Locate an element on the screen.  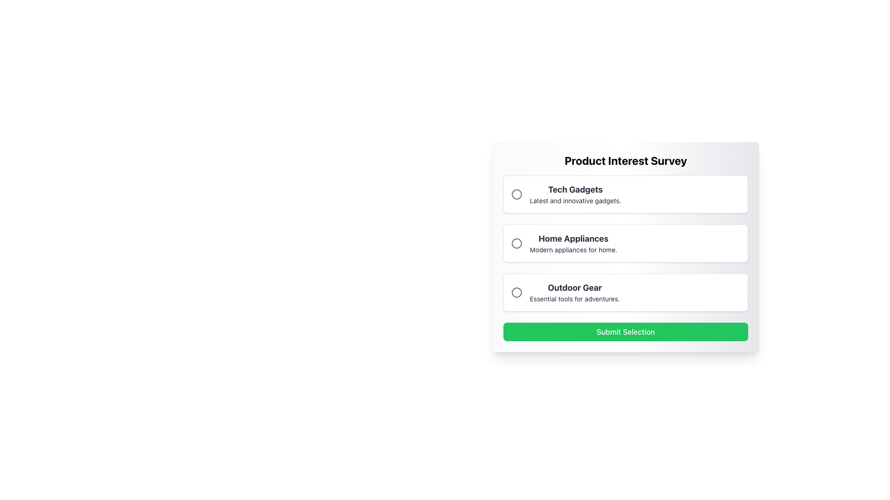
the selectable item titled 'Tech Gadgets' with a white background and a gray border is located at coordinates (625, 194).